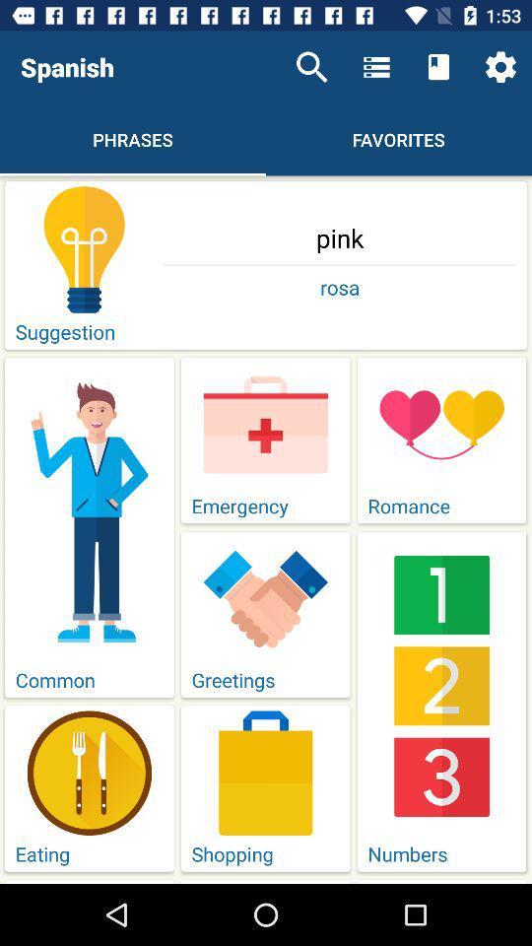 The image size is (532, 946). What do you see at coordinates (311, 67) in the screenshot?
I see `item next to the spanish icon` at bounding box center [311, 67].